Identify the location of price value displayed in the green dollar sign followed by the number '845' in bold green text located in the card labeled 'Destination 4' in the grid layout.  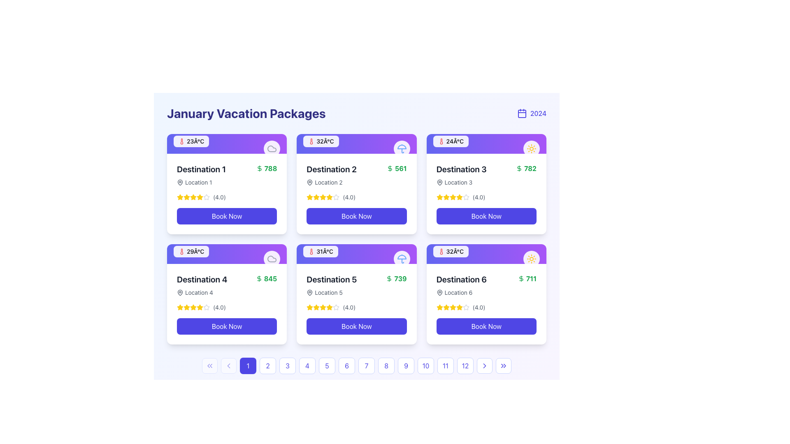
(266, 278).